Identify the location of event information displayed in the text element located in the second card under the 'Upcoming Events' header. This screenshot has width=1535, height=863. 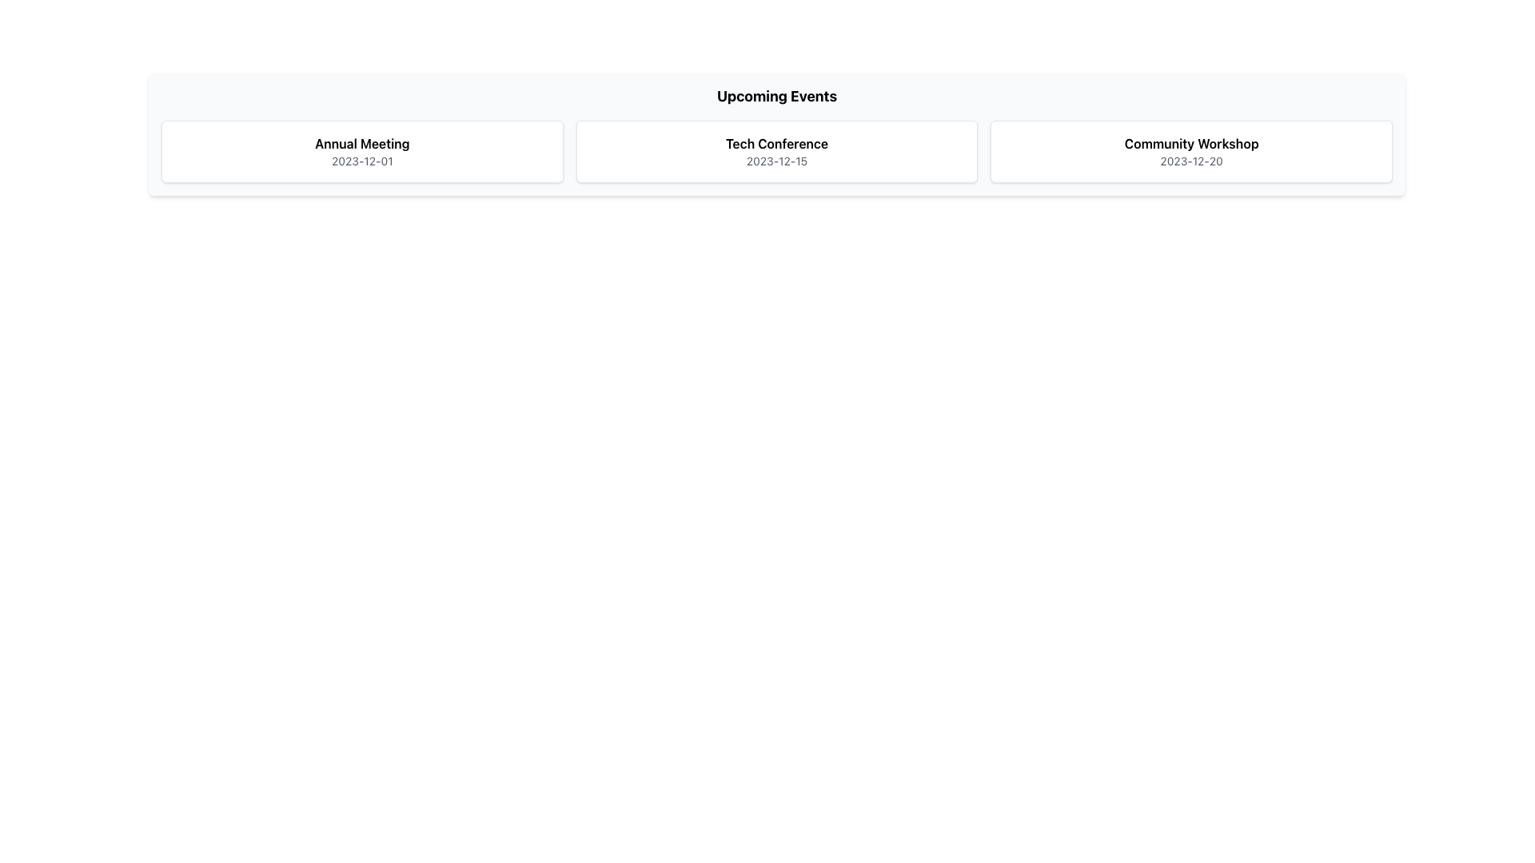
(776, 151).